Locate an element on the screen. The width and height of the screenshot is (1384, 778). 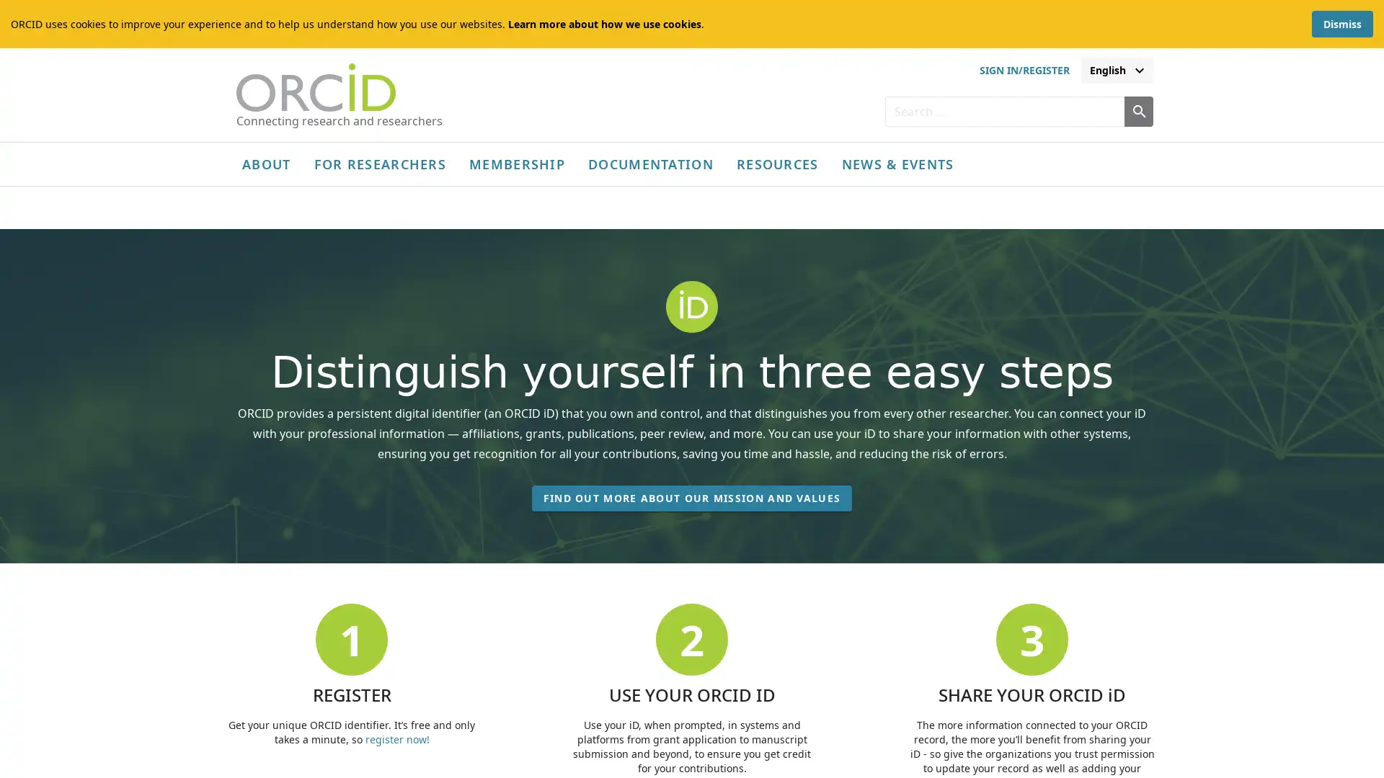
FIND OUT MORE ABOUT OUR MISSION AND VALUES is located at coordinates (691, 506).